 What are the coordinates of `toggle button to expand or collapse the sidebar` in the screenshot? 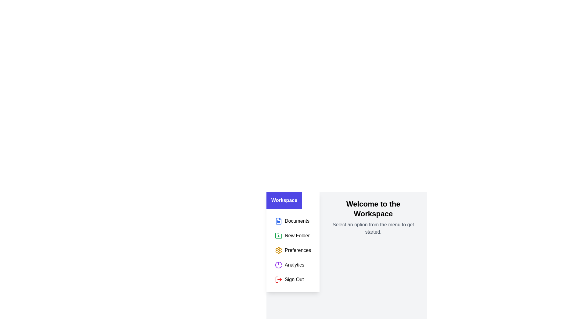 It's located at (284, 200).